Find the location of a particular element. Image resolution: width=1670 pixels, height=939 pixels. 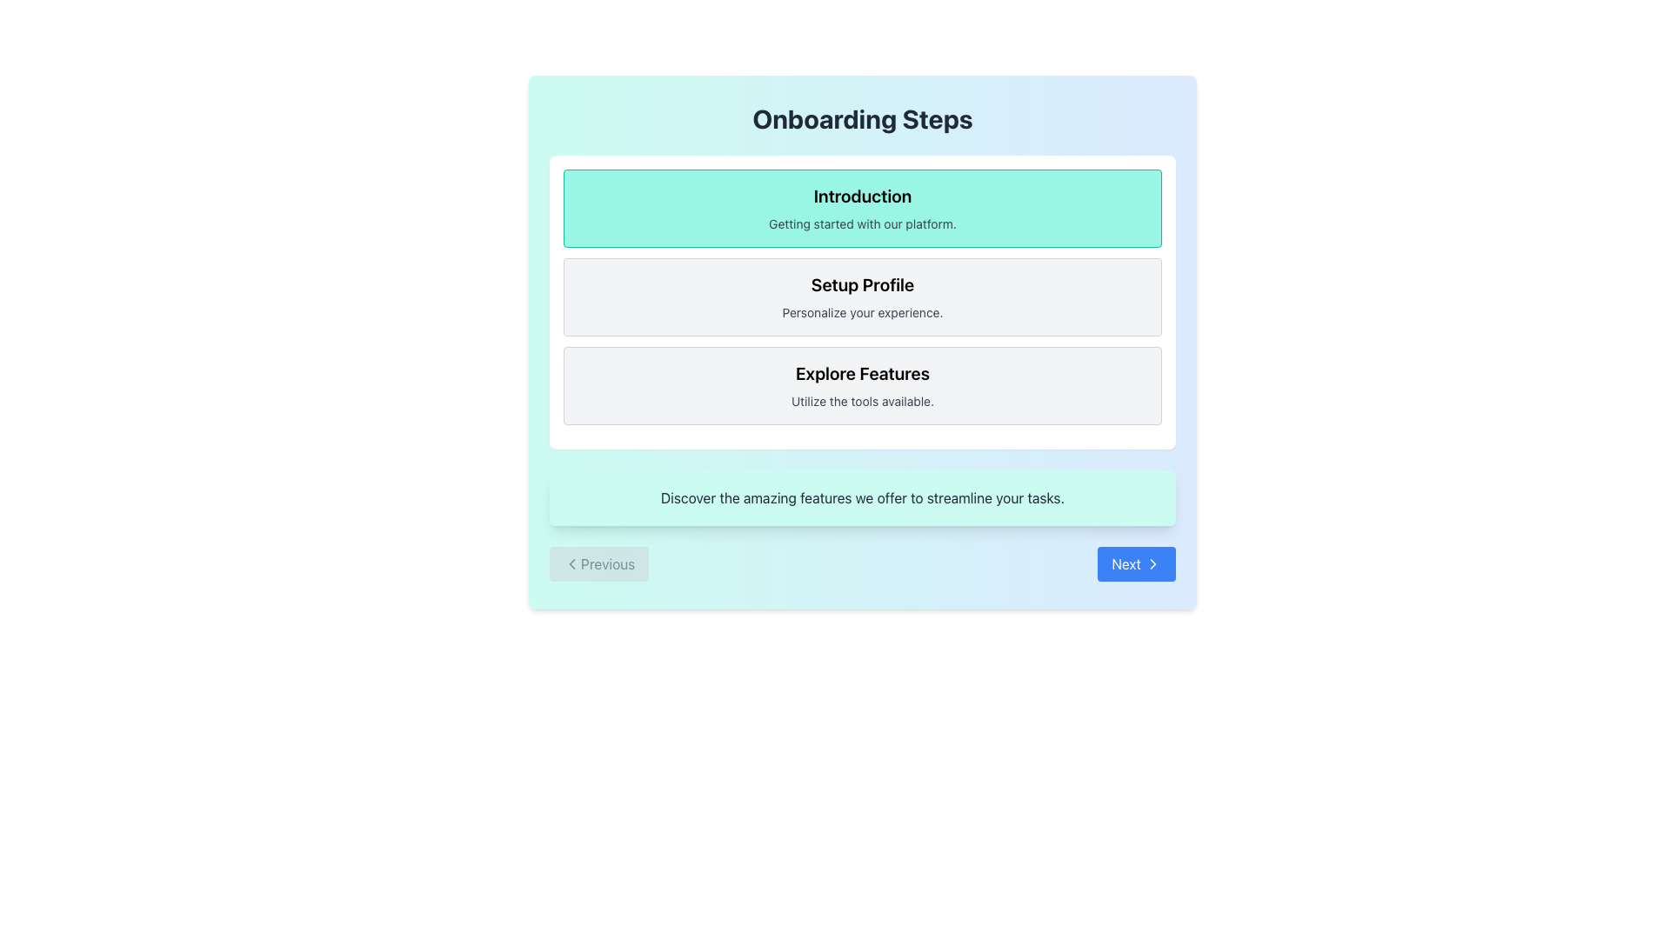

text contained in the Informational panel, which is the third panel in the onboarding sequence located beneath the 'Setup Profile' panel is located at coordinates (863, 384).